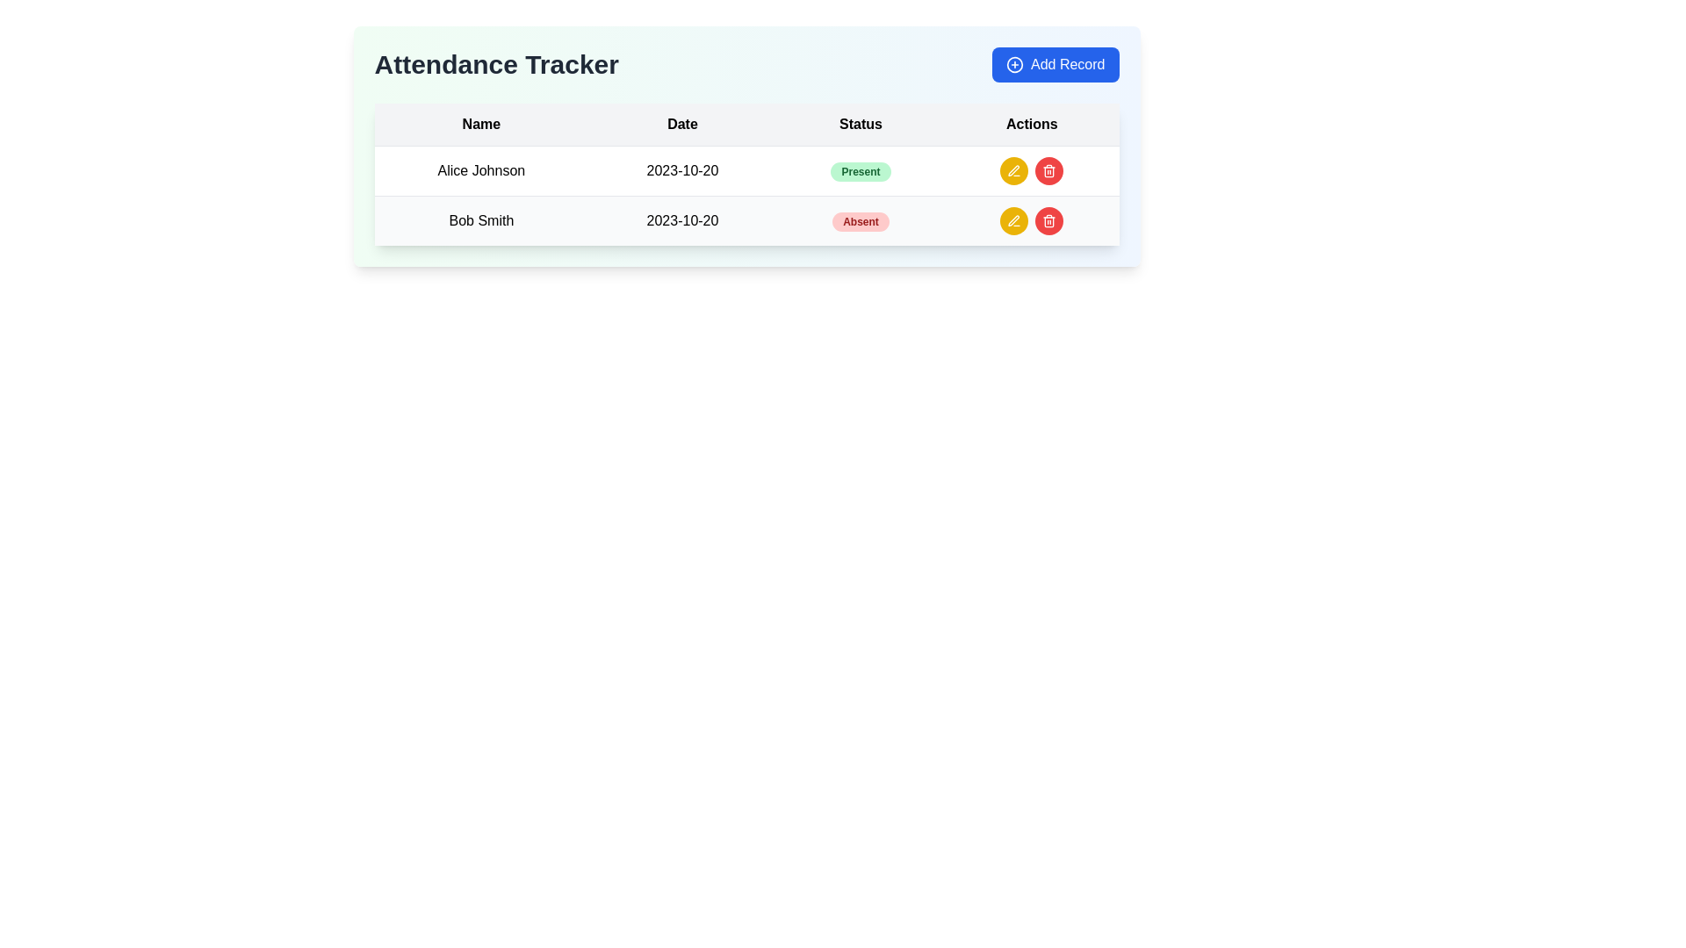 The width and height of the screenshot is (1686, 948). I want to click on the Text label displaying 'Alice Johnson' in the second row of the attendance tracker table under the 'Name' column, so click(481, 171).